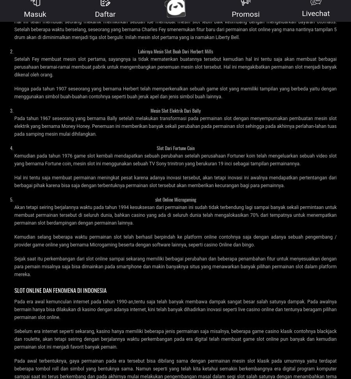  I want to click on 'Hingga pada tahun 1907 seseorang yang bernama Herbert telah memperkenalkan sebuah game slot yang memiliki tampilan yang berbeda yaitu dengan menggunakan simbol buah-buahan contohnya seperti buah jeruk apel dan jenis simbol buah lainnya.', so click(175, 92).